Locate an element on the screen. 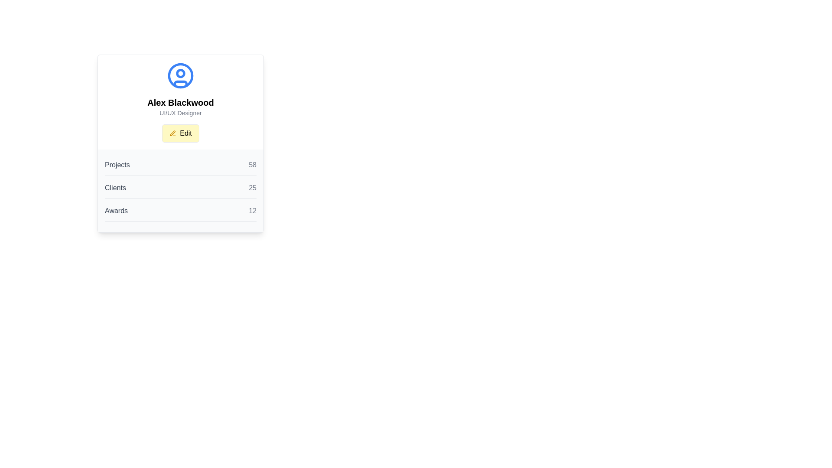 Image resolution: width=832 pixels, height=468 pixels. the text label displaying the number of 'Projects' associated with the user, located to the right of the 'Projects' label in the top row of the list is located at coordinates (252, 165).